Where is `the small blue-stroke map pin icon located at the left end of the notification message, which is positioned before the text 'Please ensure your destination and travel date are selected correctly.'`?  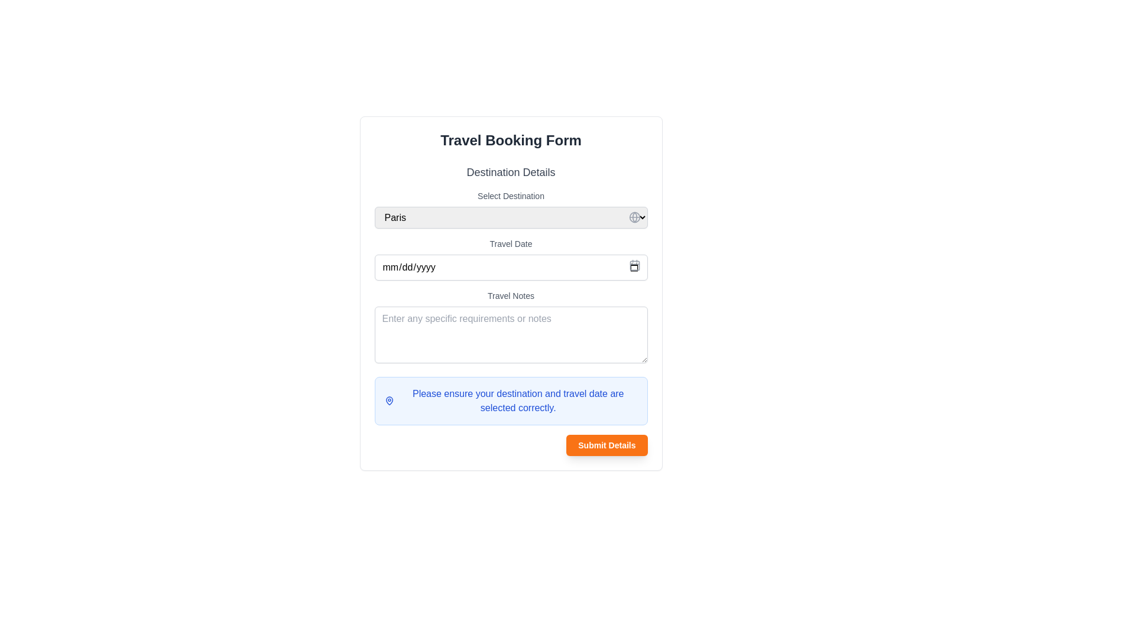 the small blue-stroke map pin icon located at the left end of the notification message, which is positioned before the text 'Please ensure your destination and travel date are selected correctly.' is located at coordinates (389, 400).